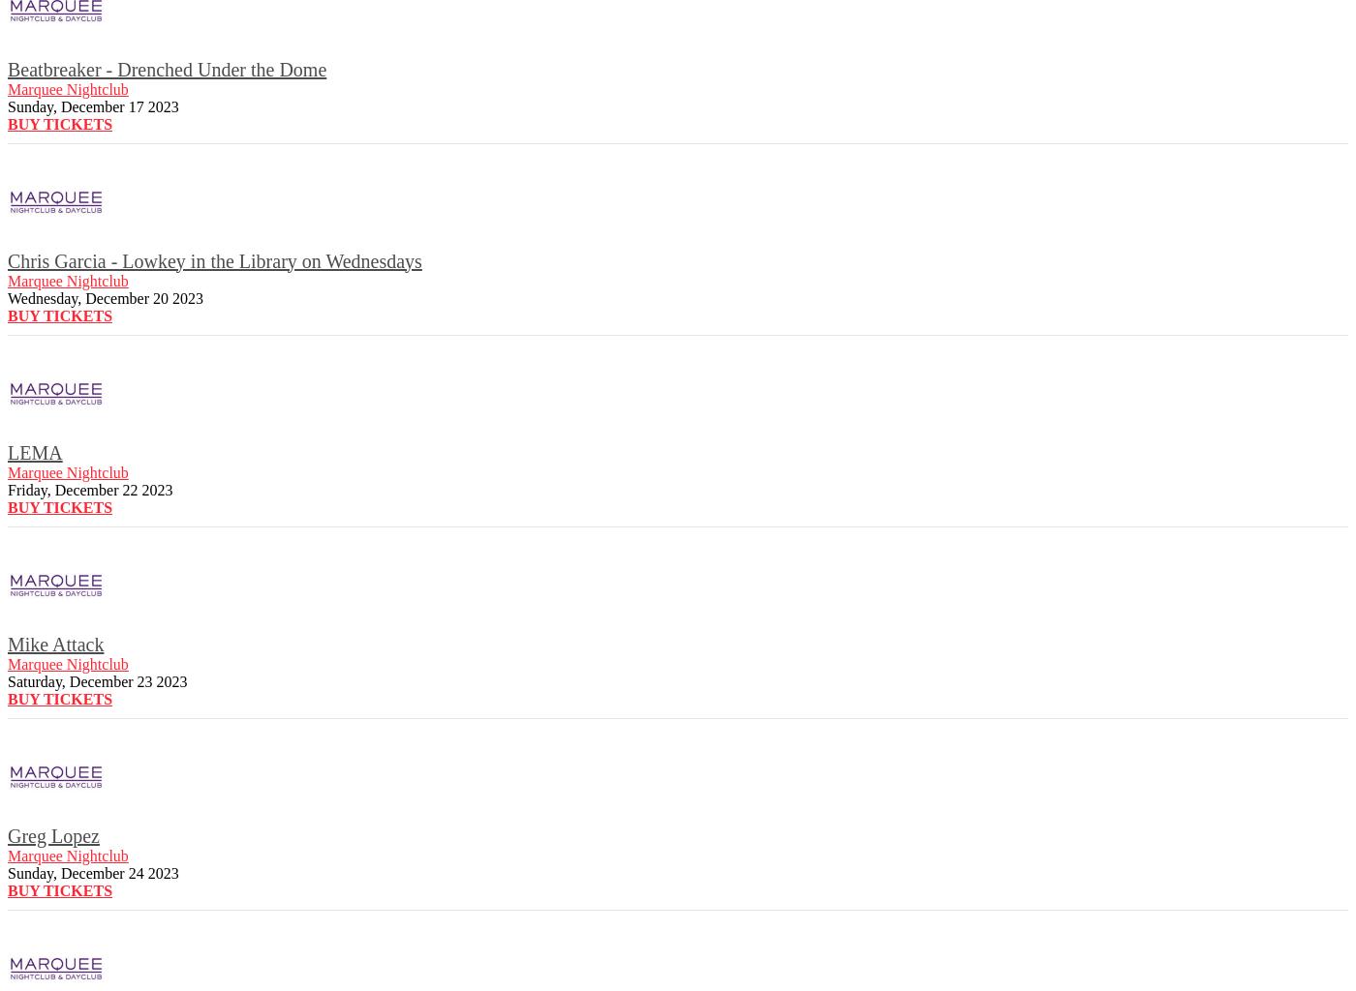  Describe the element at coordinates (89, 488) in the screenshot. I see `'Friday, December 22 2023'` at that location.